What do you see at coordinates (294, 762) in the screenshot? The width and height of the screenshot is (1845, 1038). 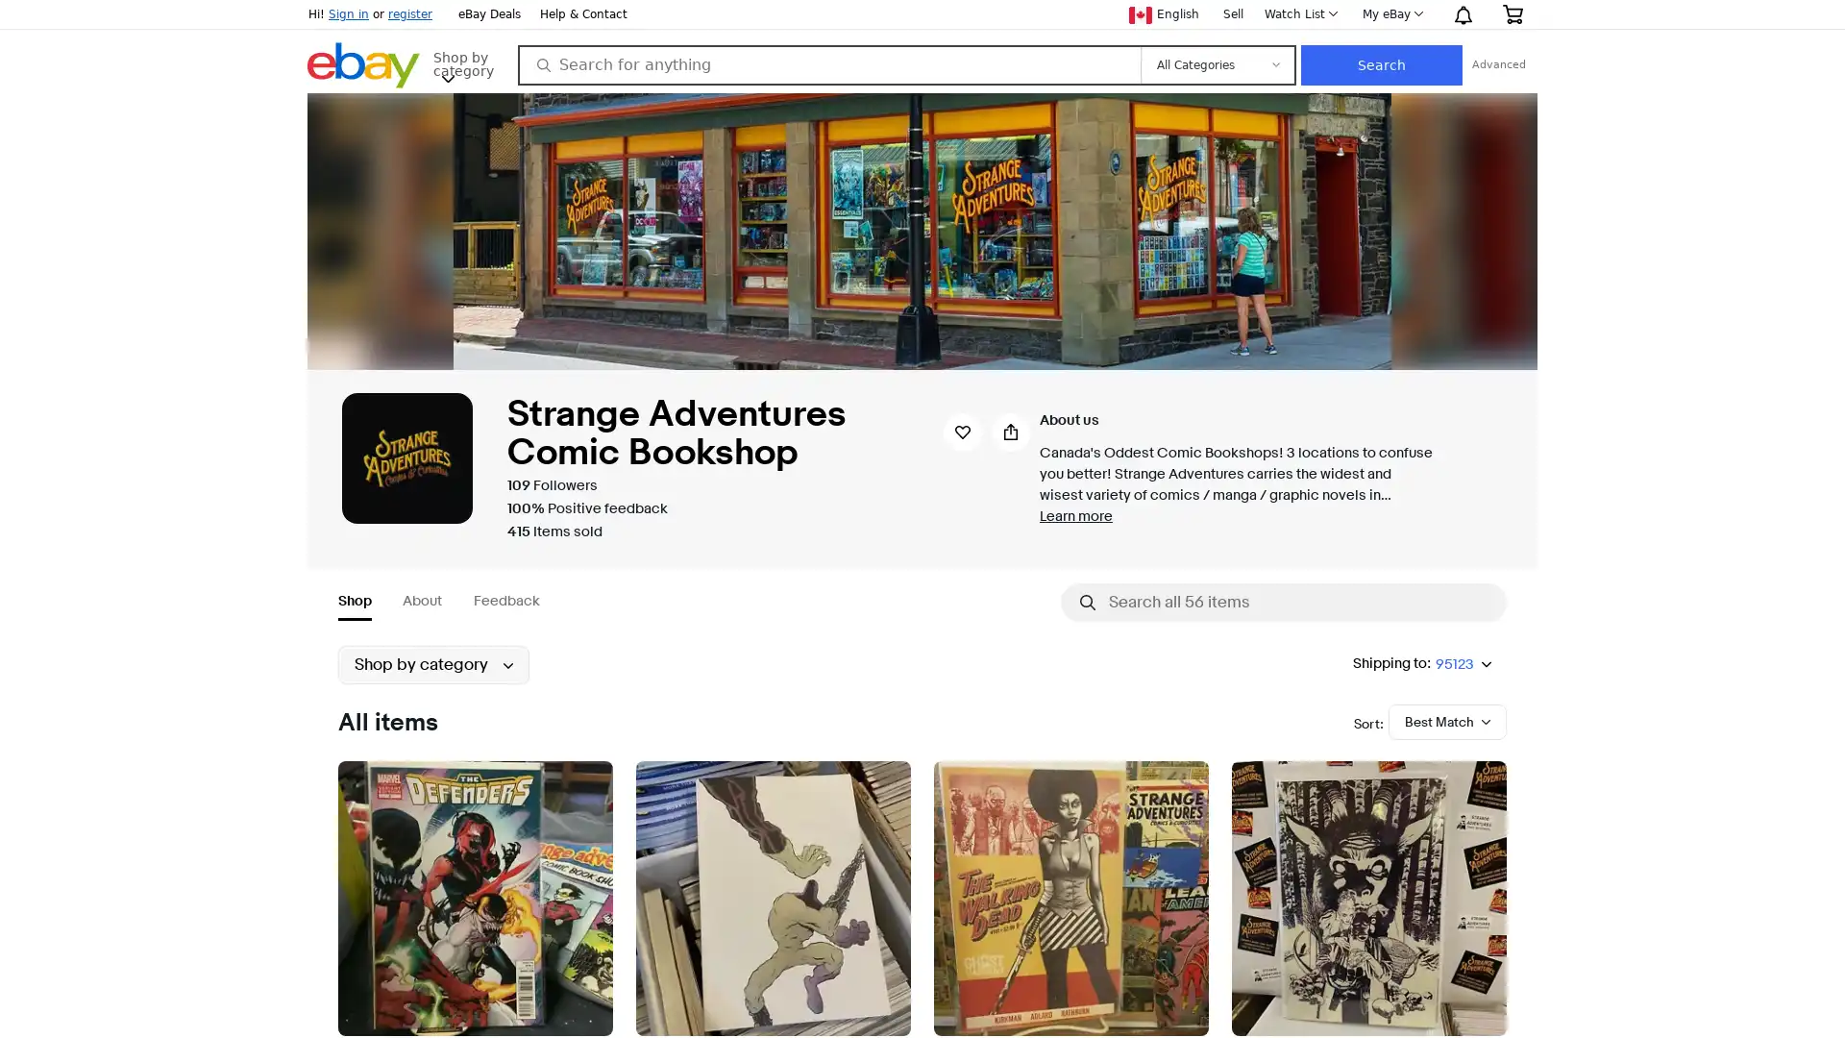 I see `Submenu of Collectibles` at bounding box center [294, 762].